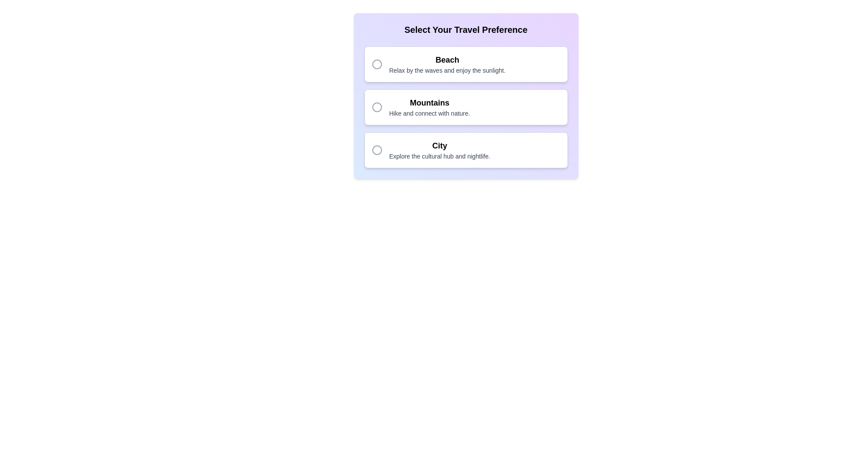 Image resolution: width=842 pixels, height=473 pixels. I want to click on the 'City' option in the travel preferences list, so click(439, 150).